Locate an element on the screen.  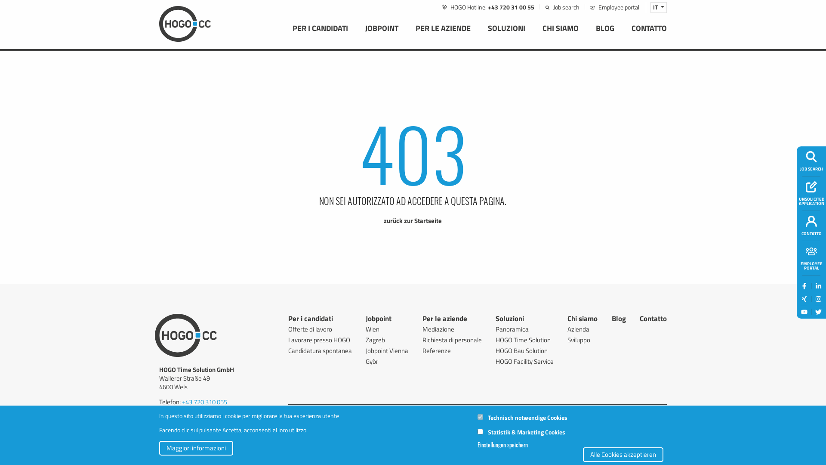
'Soluzioni' is located at coordinates (510, 320).